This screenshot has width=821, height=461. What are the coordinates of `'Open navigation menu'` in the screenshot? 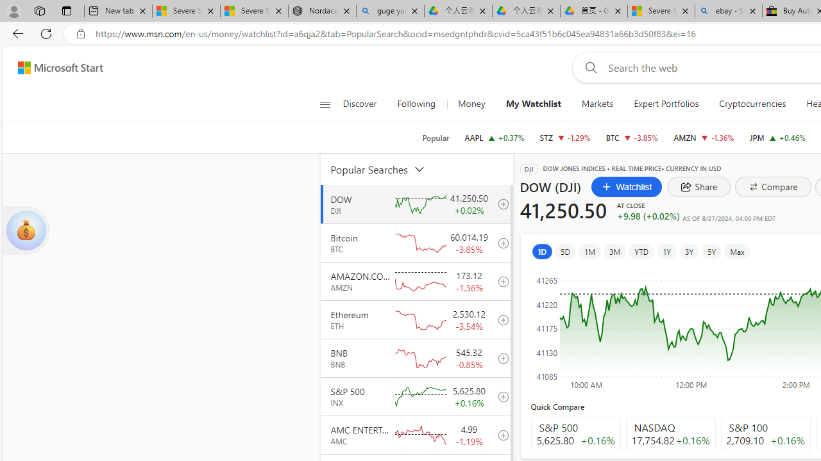 It's located at (325, 104).